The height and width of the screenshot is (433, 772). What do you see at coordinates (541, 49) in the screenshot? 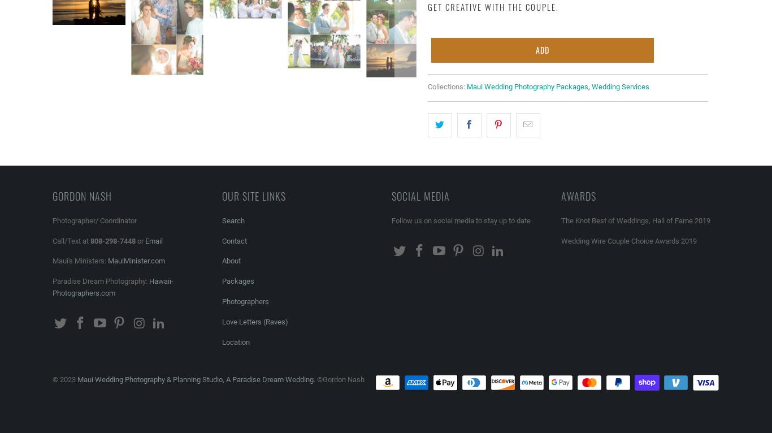
I see `'ADD'` at bounding box center [541, 49].